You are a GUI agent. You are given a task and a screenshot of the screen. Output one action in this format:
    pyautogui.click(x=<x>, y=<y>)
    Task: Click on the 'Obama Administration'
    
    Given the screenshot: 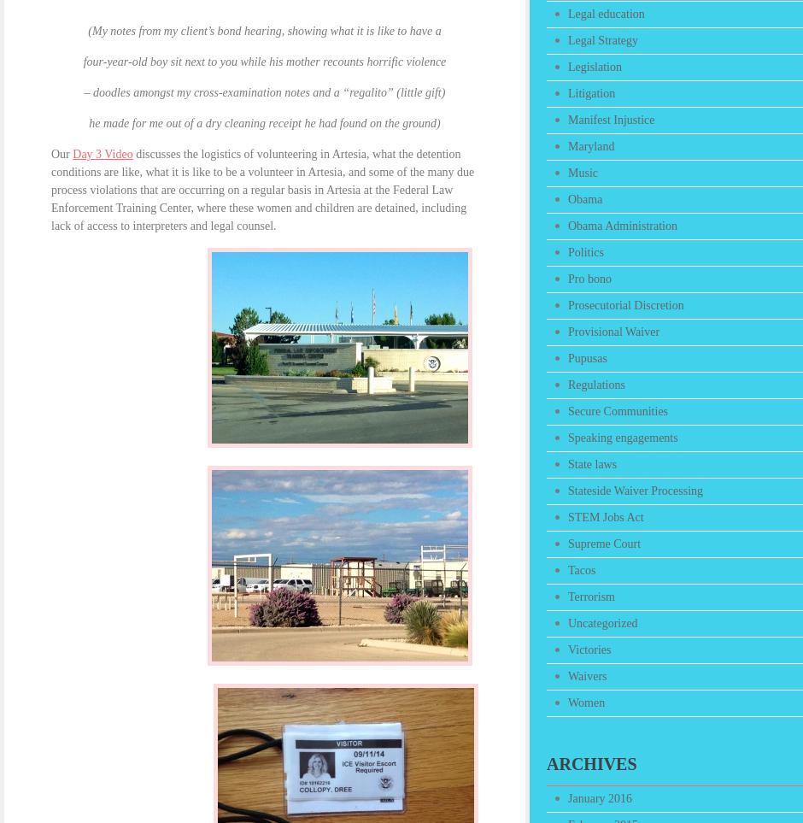 What is the action you would take?
    pyautogui.click(x=567, y=225)
    